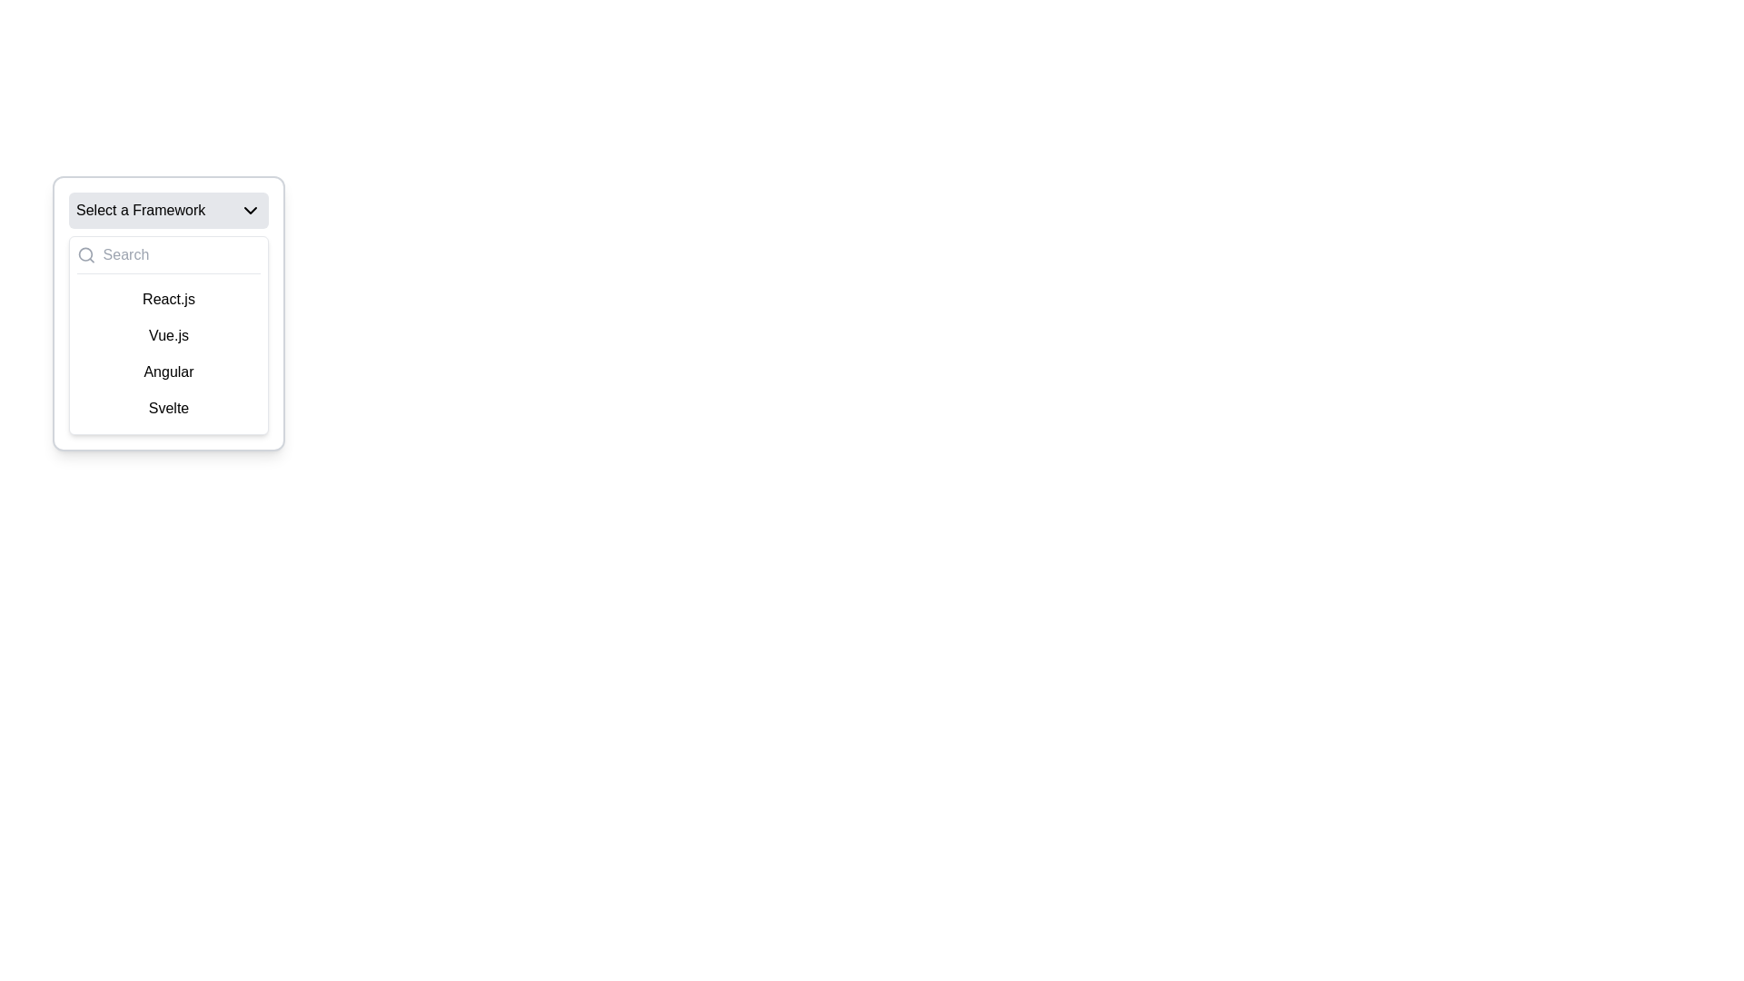 Image resolution: width=1744 pixels, height=981 pixels. Describe the element at coordinates (140, 209) in the screenshot. I see `the label indicating the selection category for the dropdown menu, located to the left of the chevron-down icon button` at that location.